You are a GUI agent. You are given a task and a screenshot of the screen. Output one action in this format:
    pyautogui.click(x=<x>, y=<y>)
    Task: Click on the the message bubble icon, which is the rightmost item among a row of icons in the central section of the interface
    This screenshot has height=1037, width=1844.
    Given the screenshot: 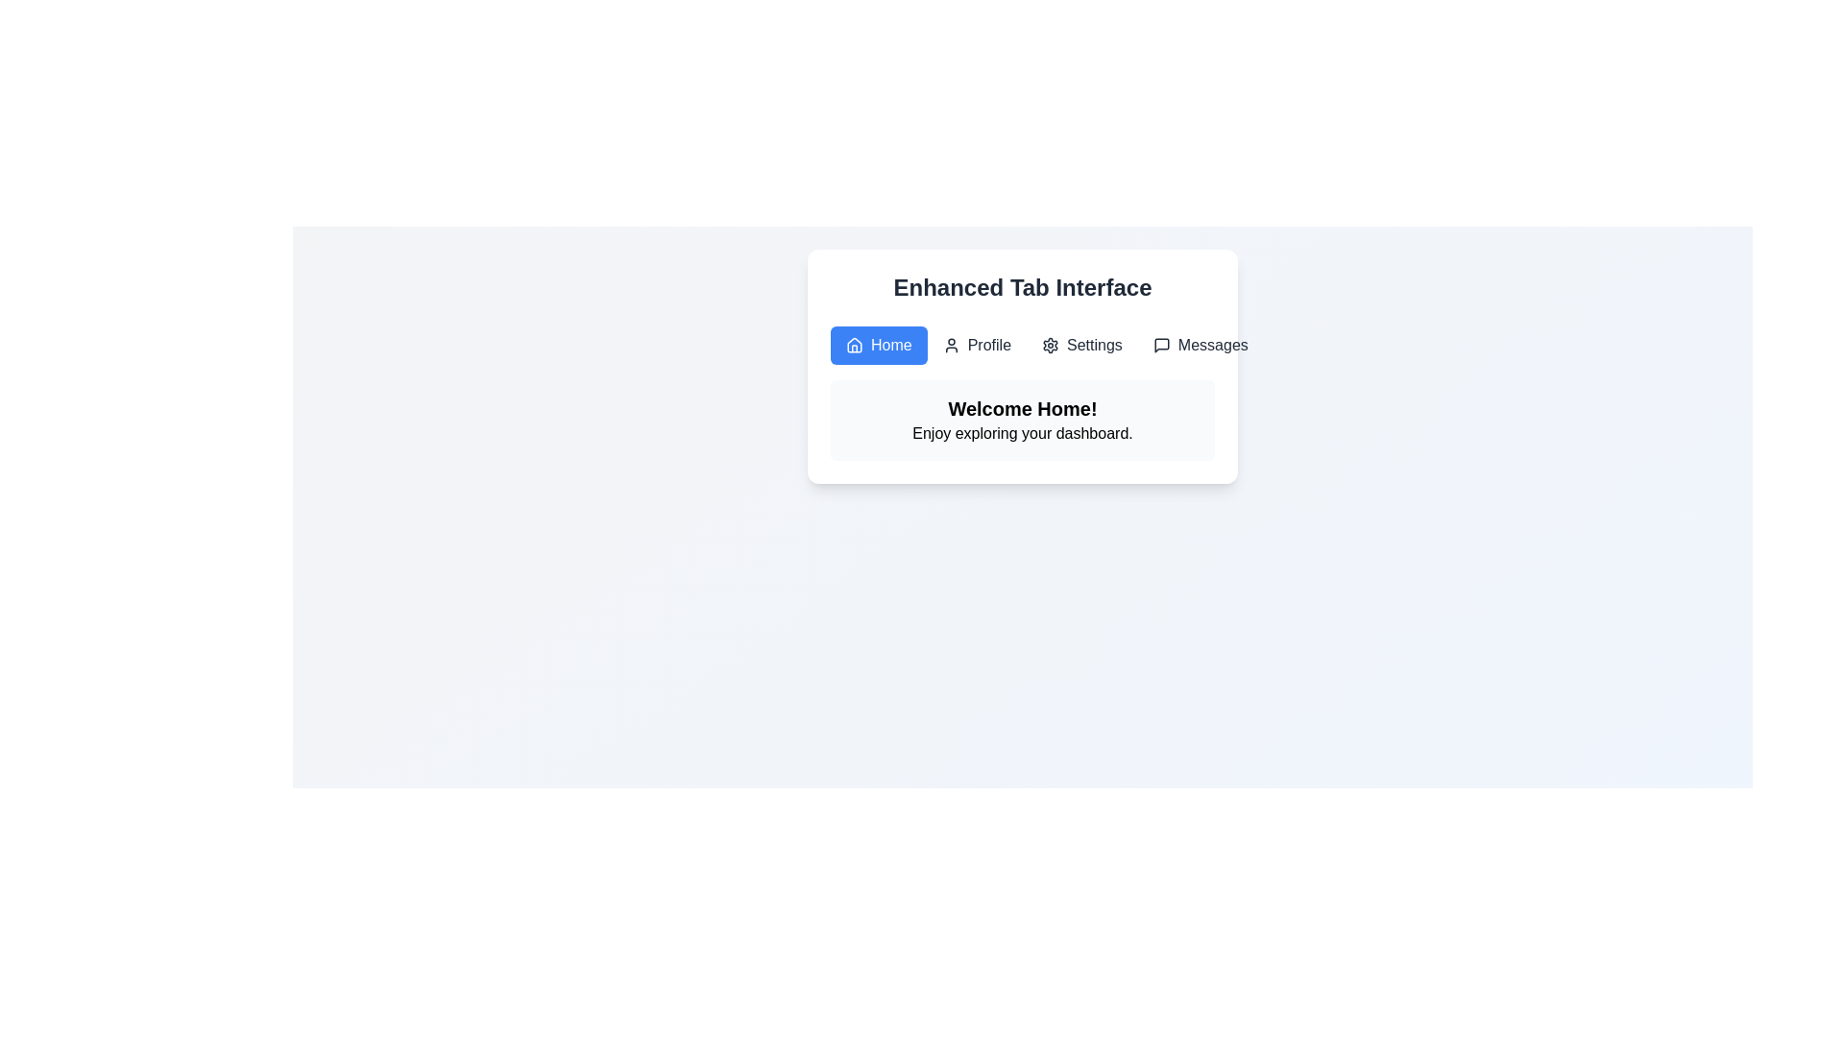 What is the action you would take?
    pyautogui.click(x=1160, y=344)
    